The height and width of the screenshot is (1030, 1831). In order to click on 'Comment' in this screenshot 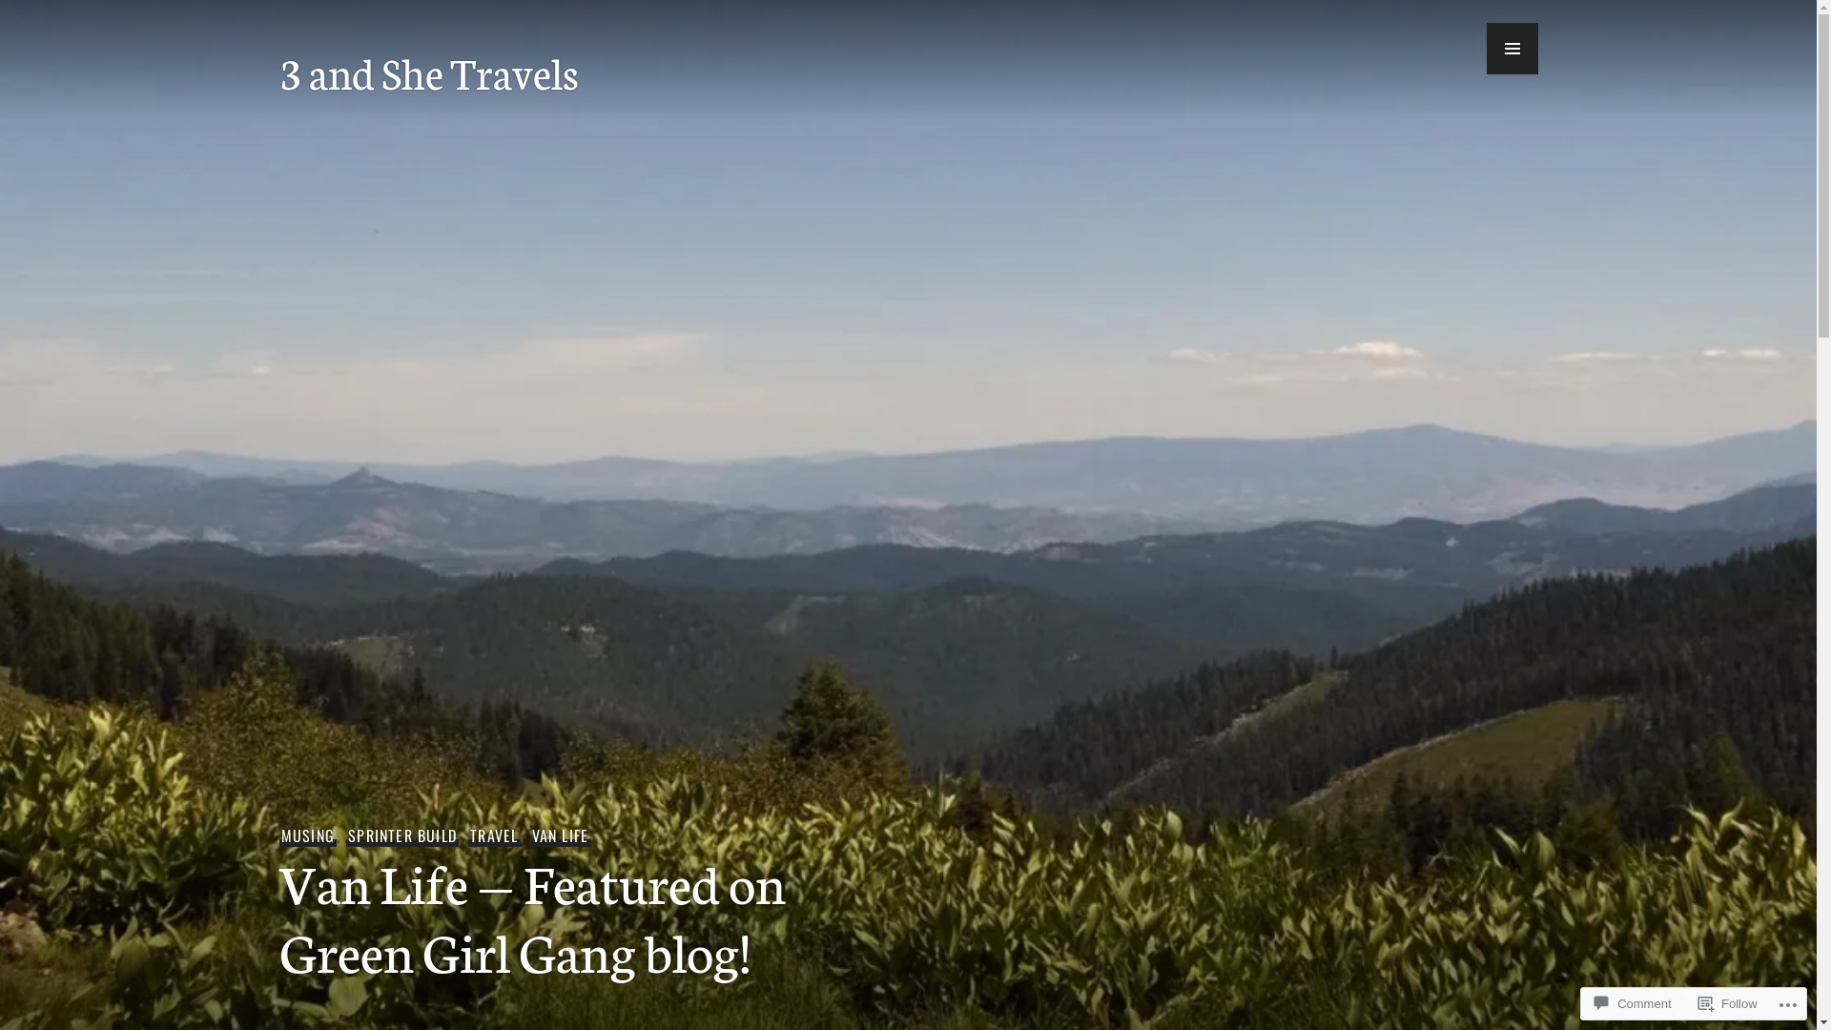, I will do `click(1632, 1002)`.